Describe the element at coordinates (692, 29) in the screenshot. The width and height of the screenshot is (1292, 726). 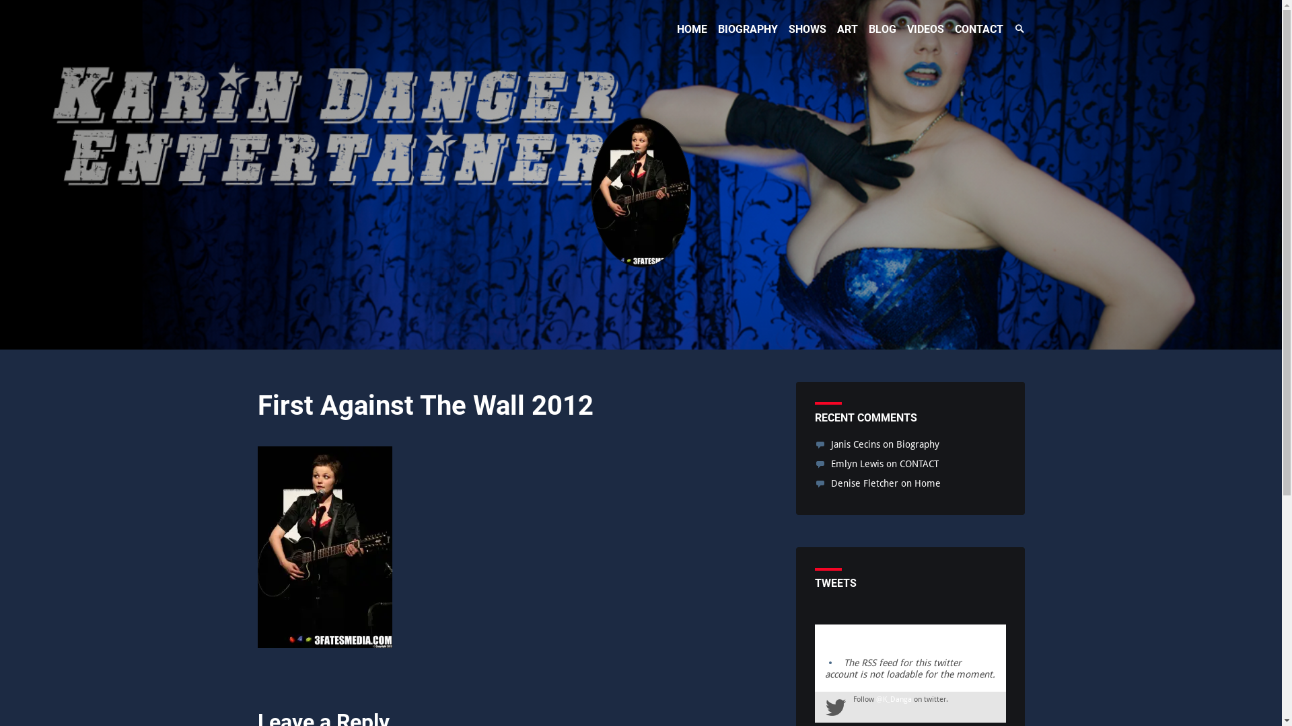
I see `'HOME'` at that location.